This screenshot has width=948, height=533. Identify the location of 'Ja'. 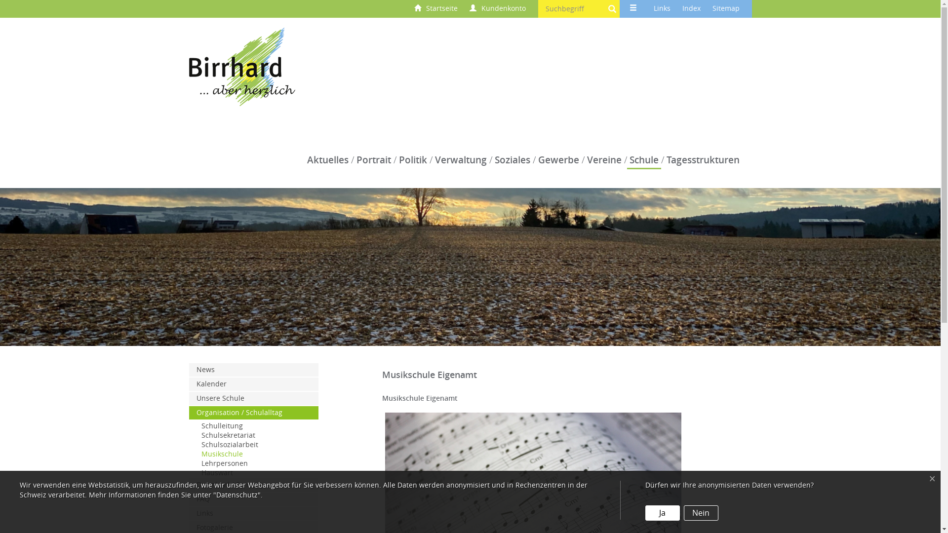
(663, 512).